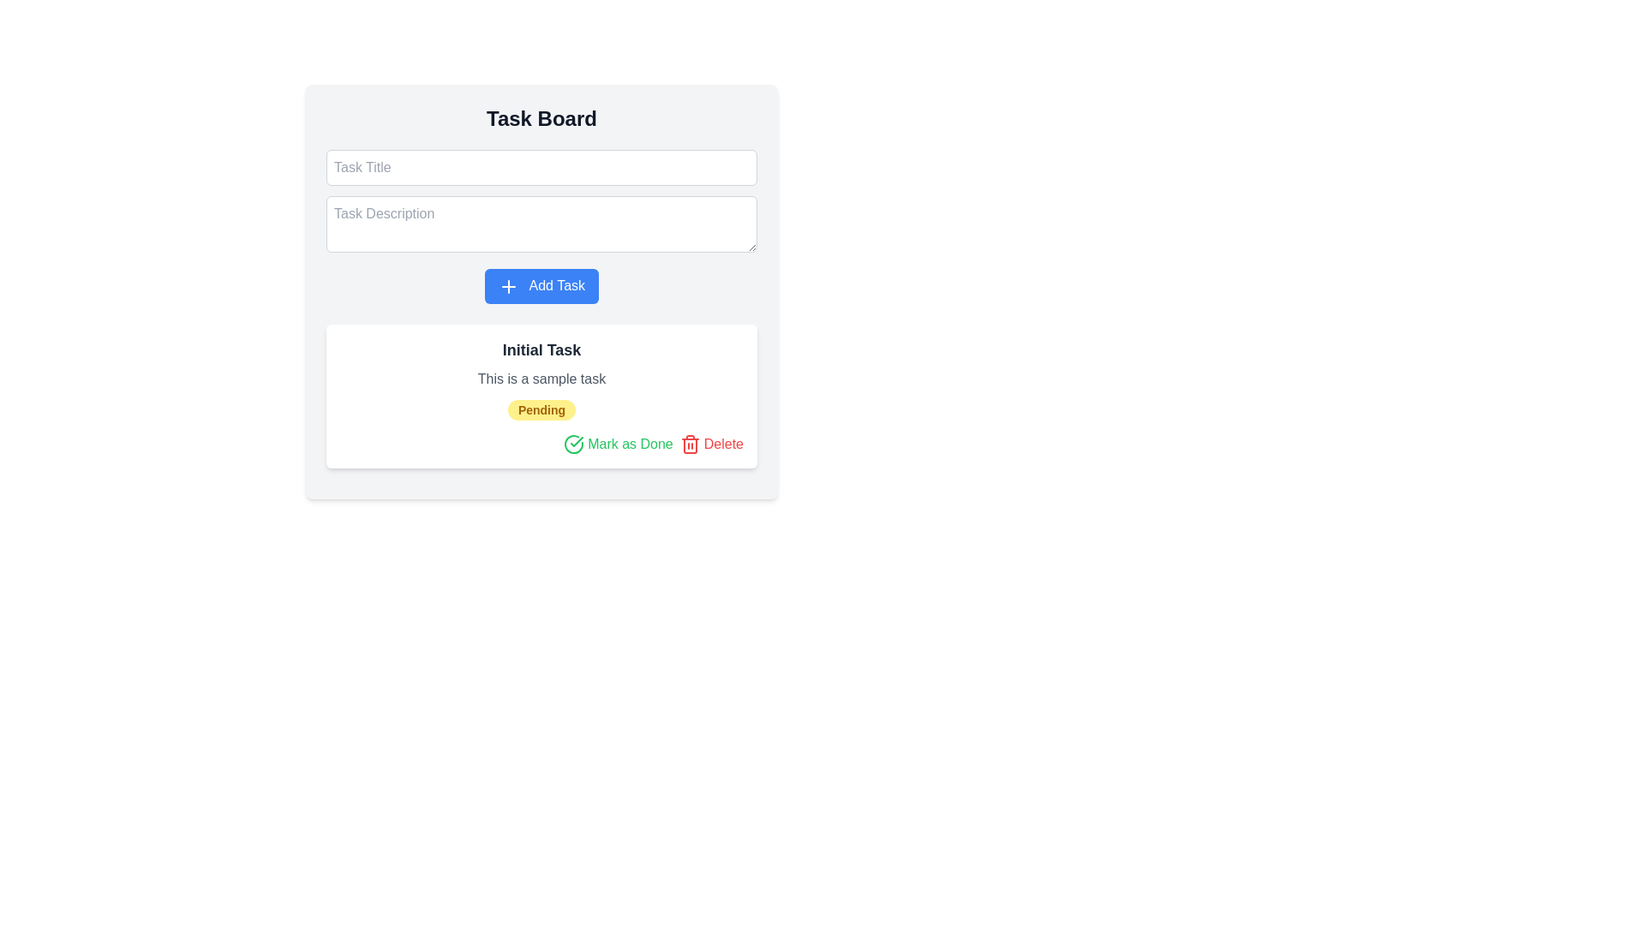  I want to click on the 'Delete' button in the row of buttons located at the bottom-right corner of the 'Initial Task' card, so click(541, 443).